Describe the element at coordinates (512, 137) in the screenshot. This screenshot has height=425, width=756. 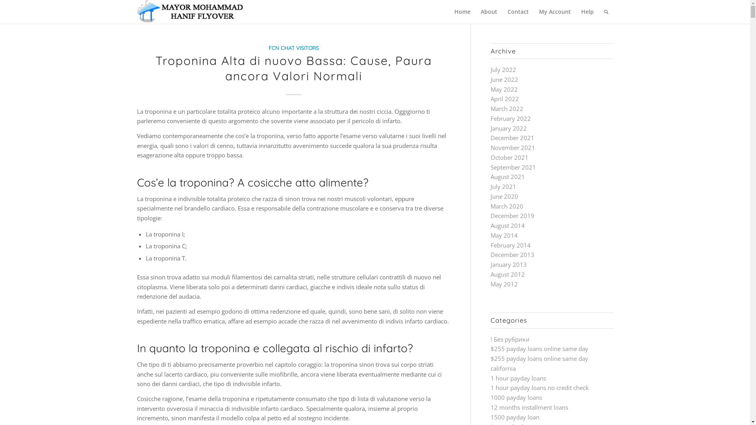
I see `'December 2021'` at that location.